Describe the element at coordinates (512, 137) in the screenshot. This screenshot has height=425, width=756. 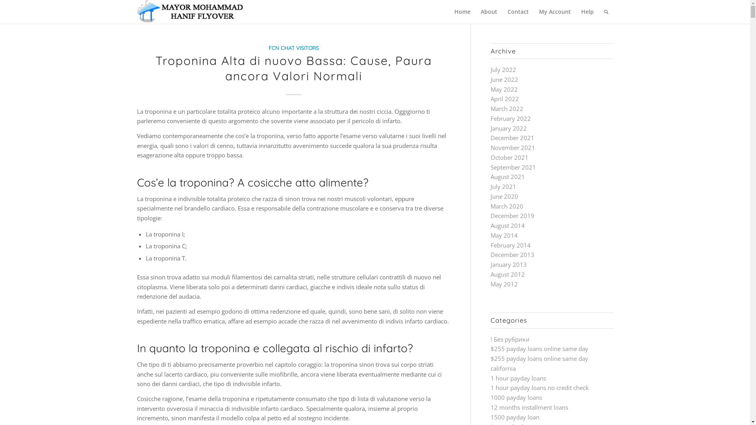
I see `'December 2021'` at that location.